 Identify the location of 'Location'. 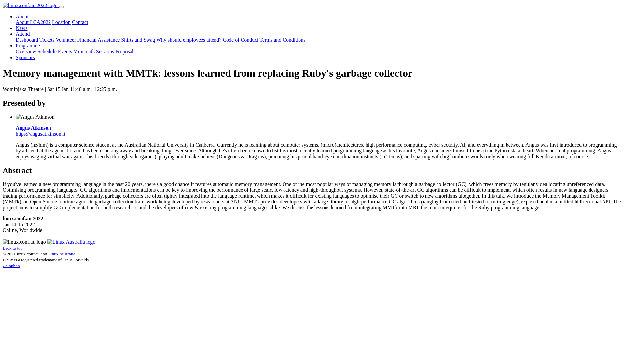
(61, 22).